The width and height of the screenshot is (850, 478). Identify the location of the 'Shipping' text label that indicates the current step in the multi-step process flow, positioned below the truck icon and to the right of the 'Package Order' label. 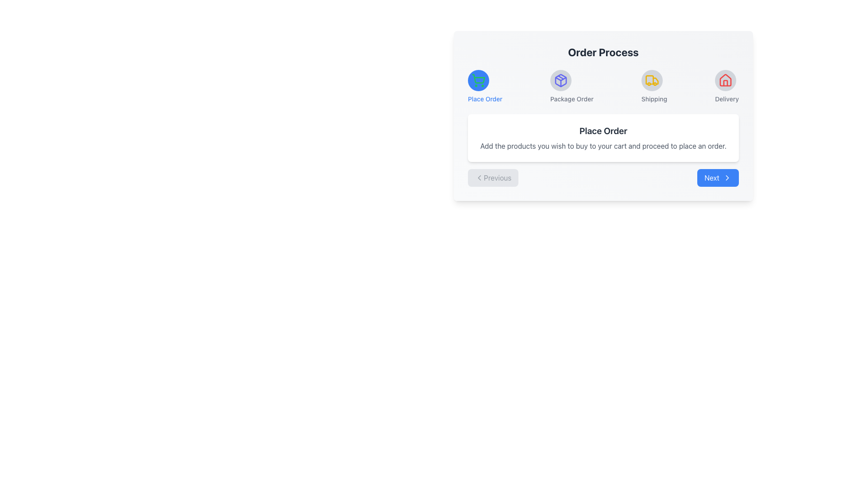
(654, 99).